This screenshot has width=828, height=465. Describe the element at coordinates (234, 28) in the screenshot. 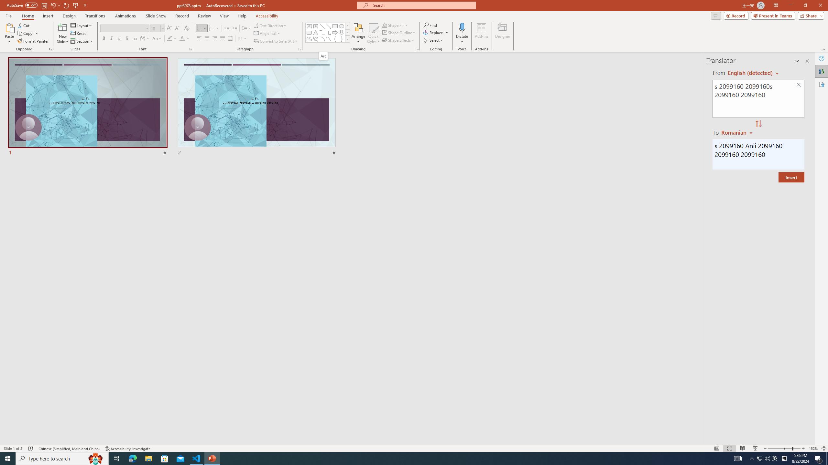

I see `'Increase Indent'` at that location.